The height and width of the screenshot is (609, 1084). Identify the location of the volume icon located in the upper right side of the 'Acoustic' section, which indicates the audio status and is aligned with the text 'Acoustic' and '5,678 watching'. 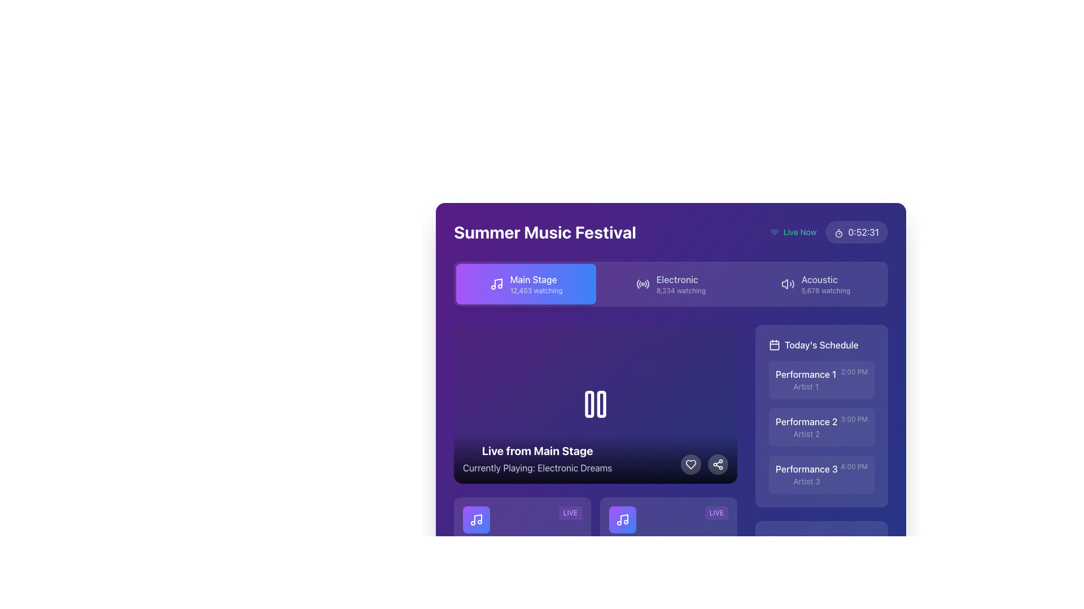
(787, 284).